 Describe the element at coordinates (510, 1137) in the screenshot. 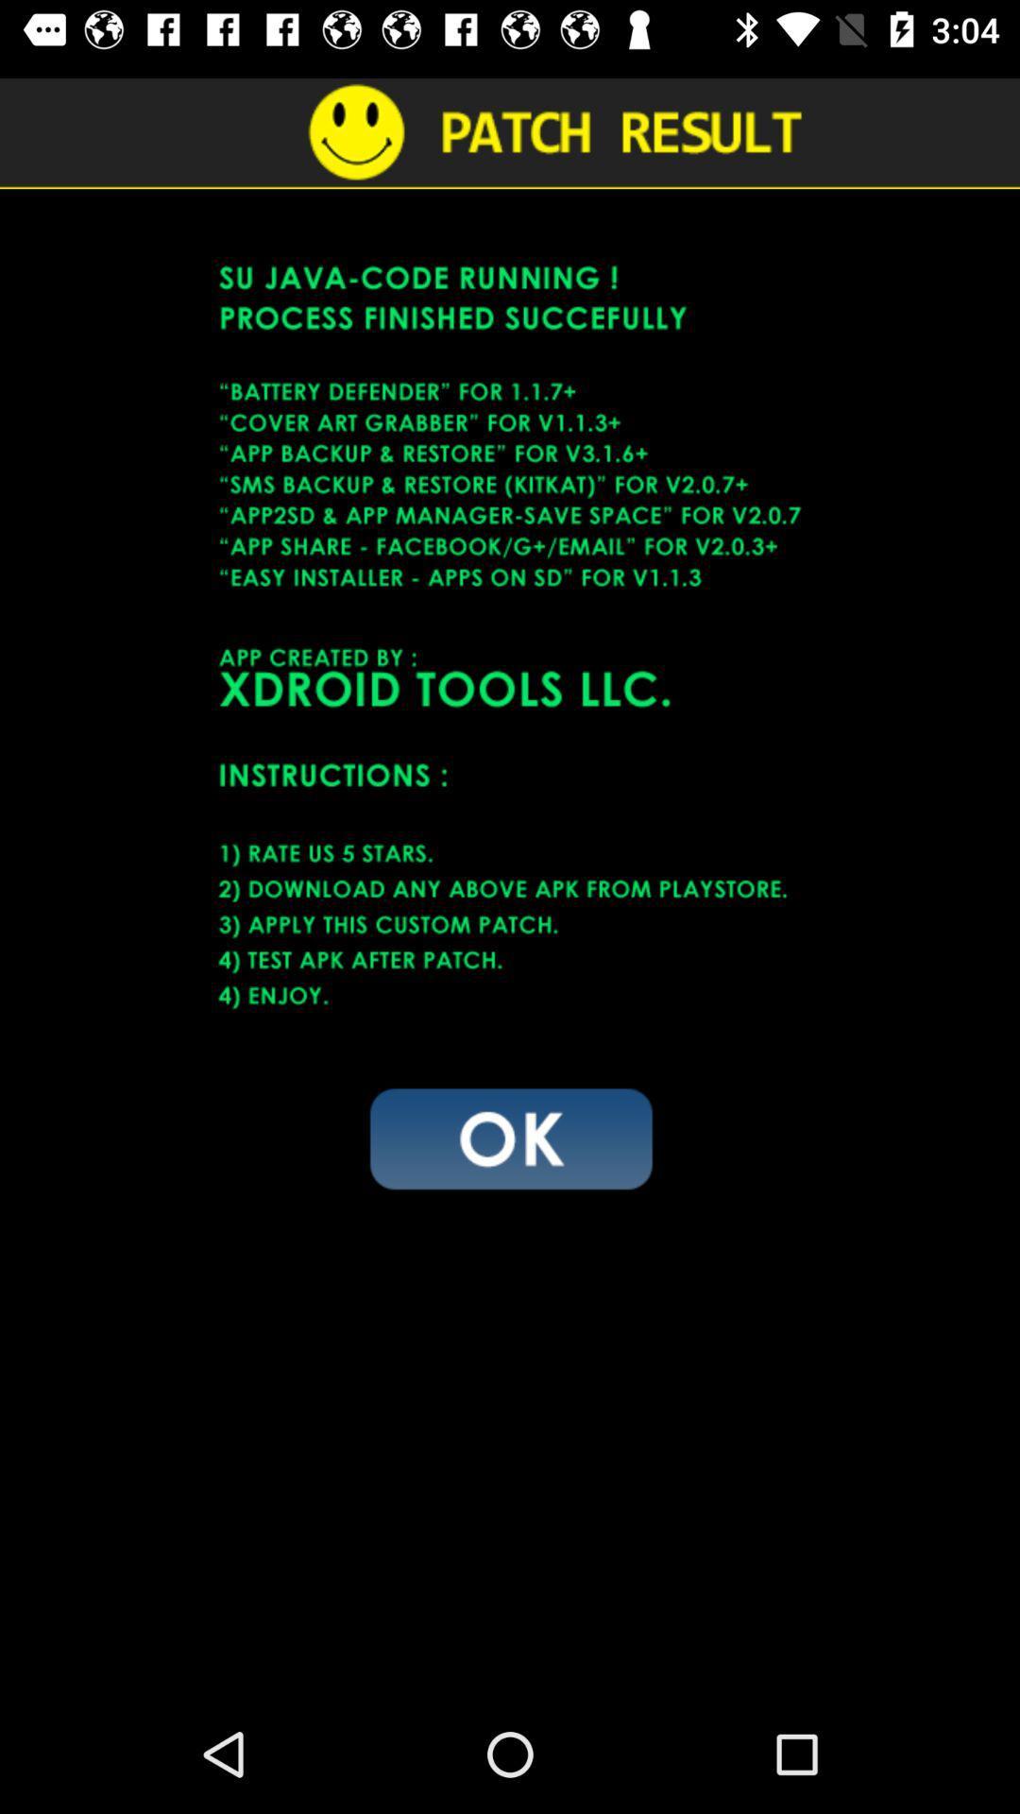

I see `press ok` at that location.